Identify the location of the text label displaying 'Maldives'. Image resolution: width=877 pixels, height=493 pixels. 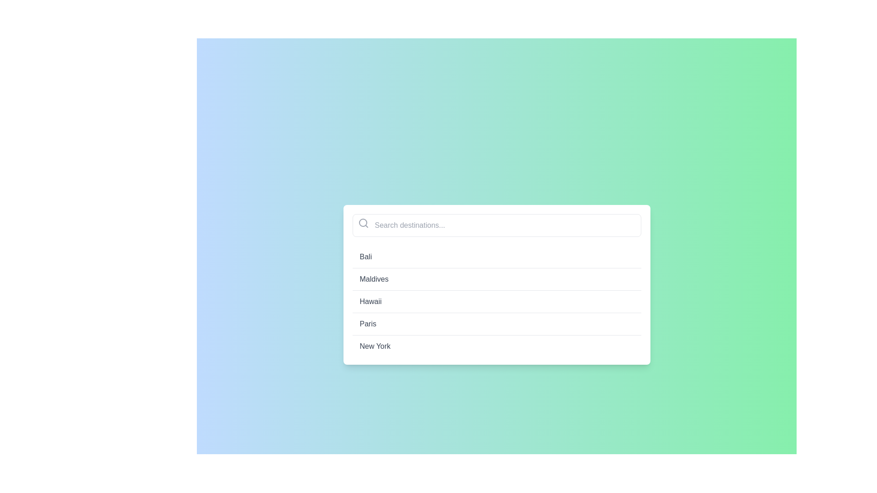
(374, 279).